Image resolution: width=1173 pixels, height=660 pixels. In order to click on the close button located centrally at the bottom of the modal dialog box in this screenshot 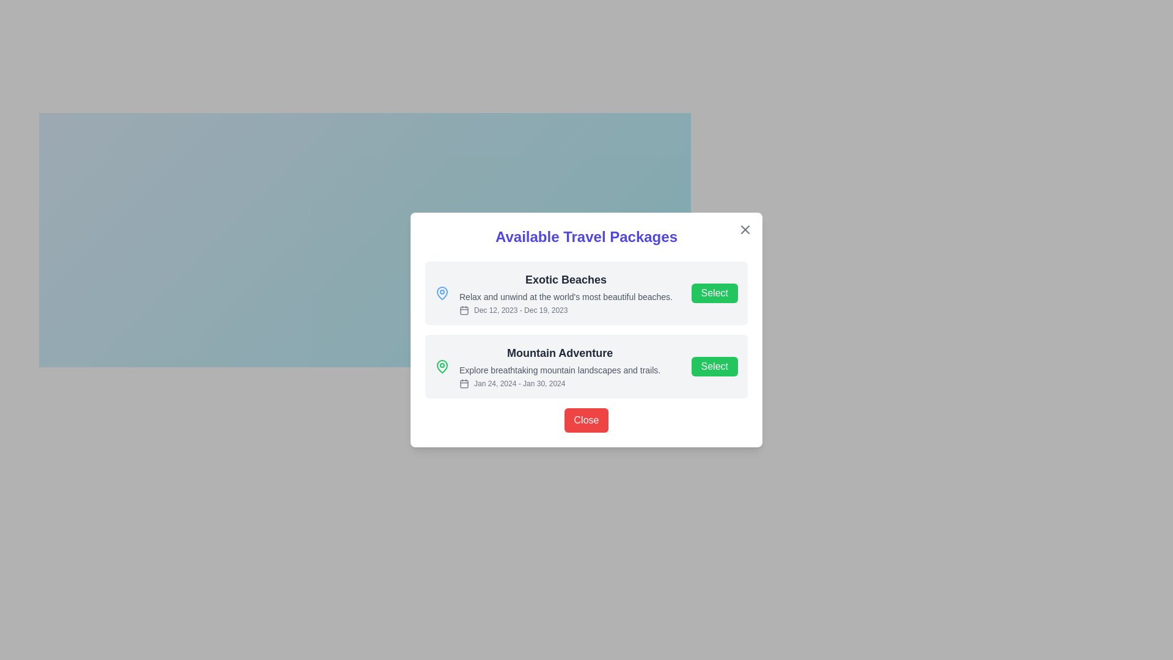, I will do `click(586, 419)`.